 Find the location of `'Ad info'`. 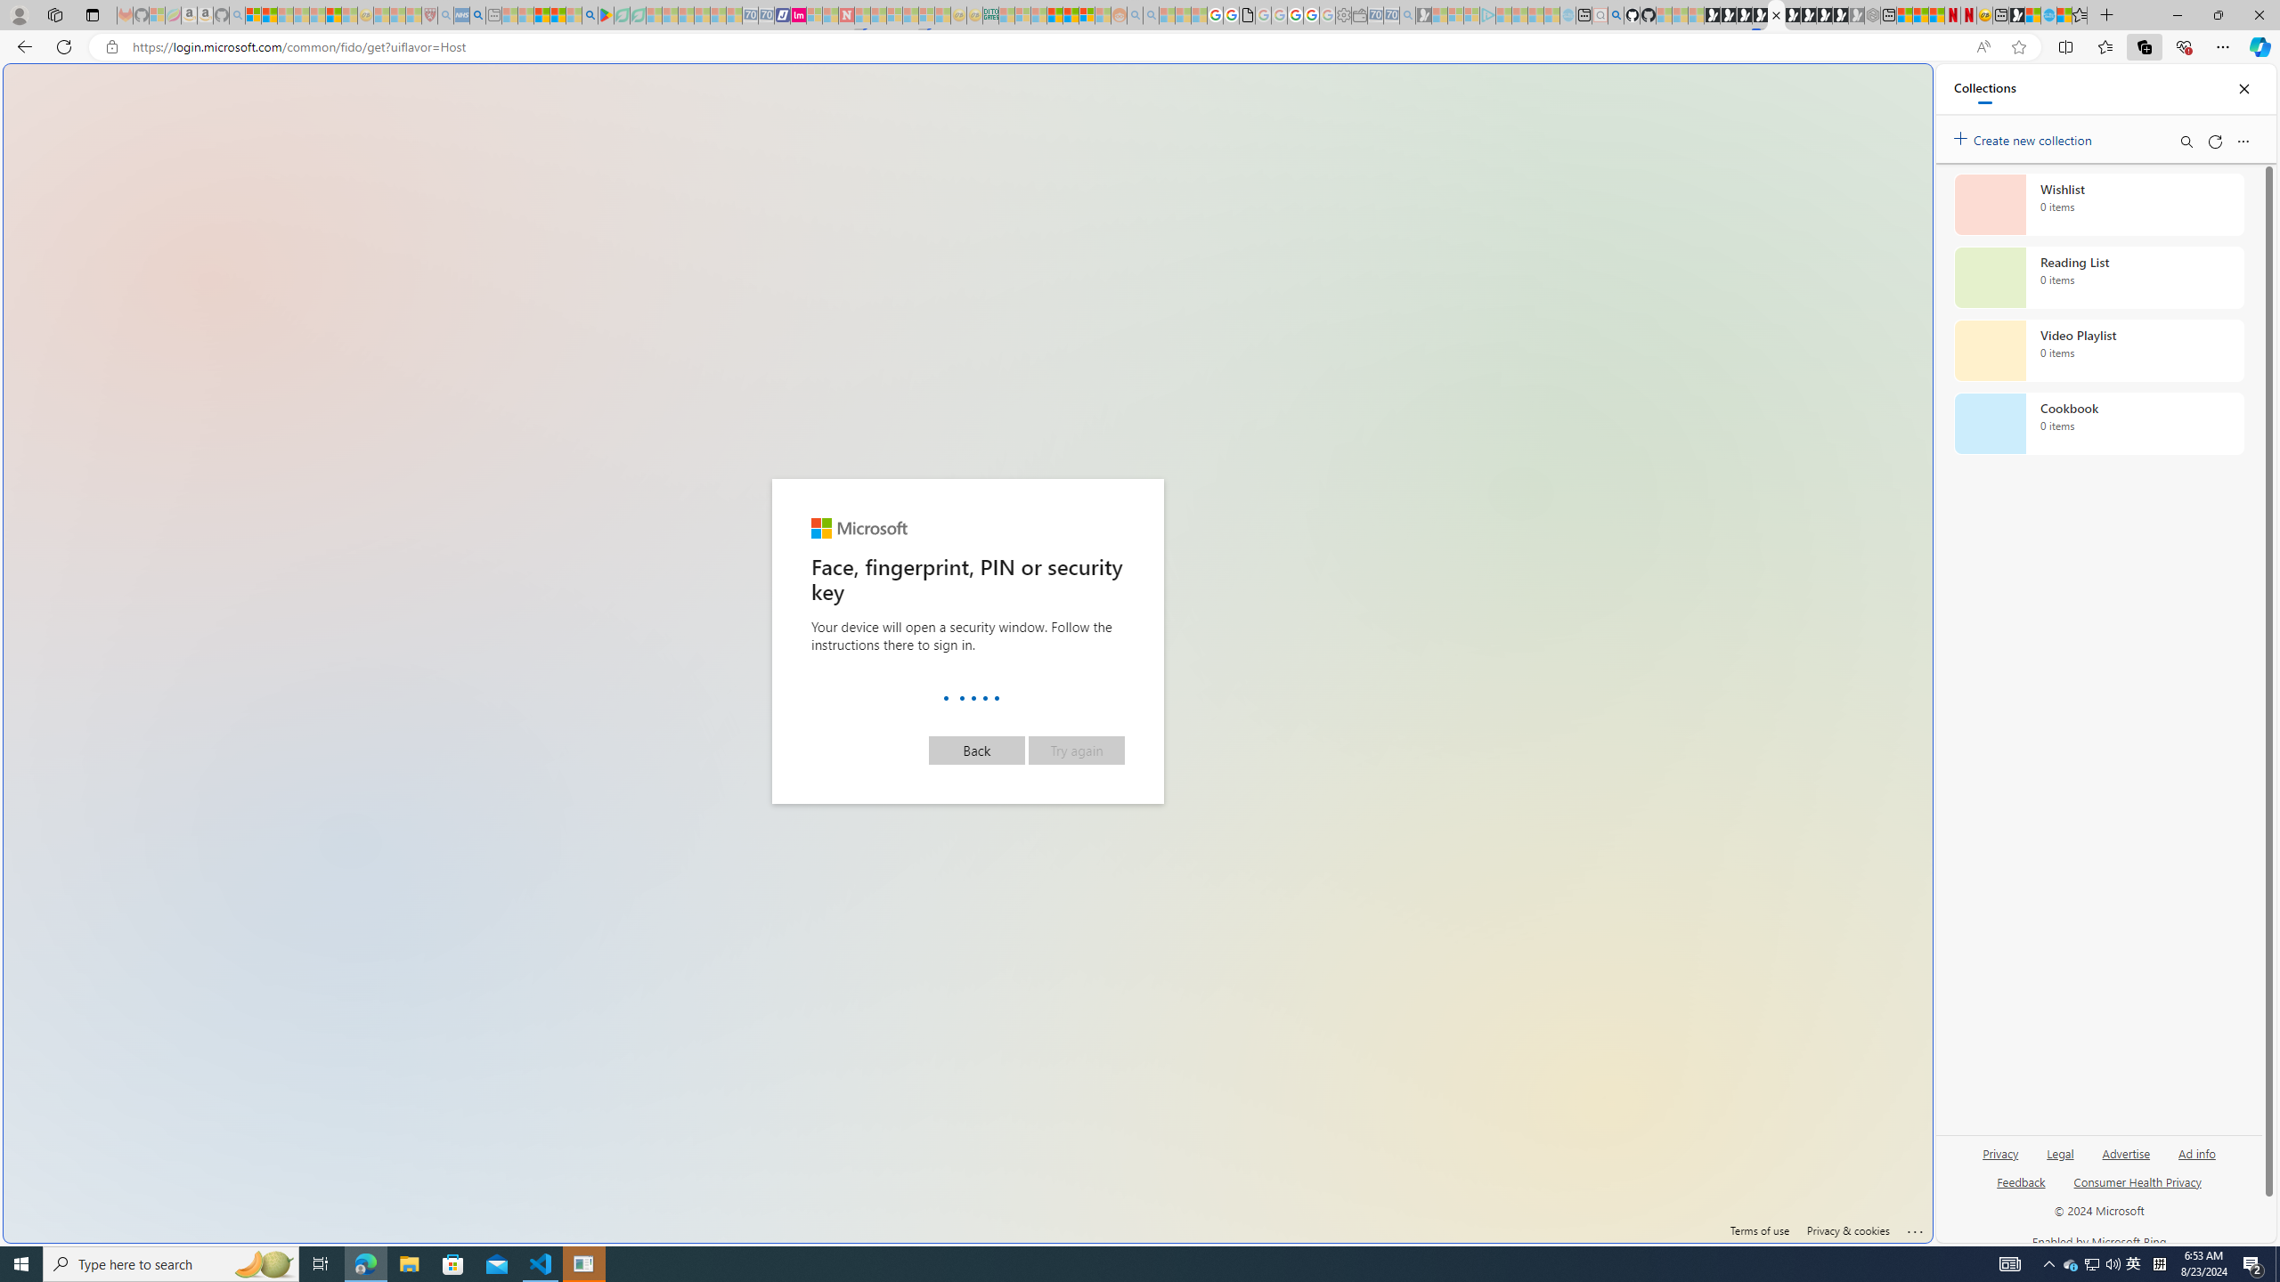

'Ad info' is located at coordinates (2196, 1159).